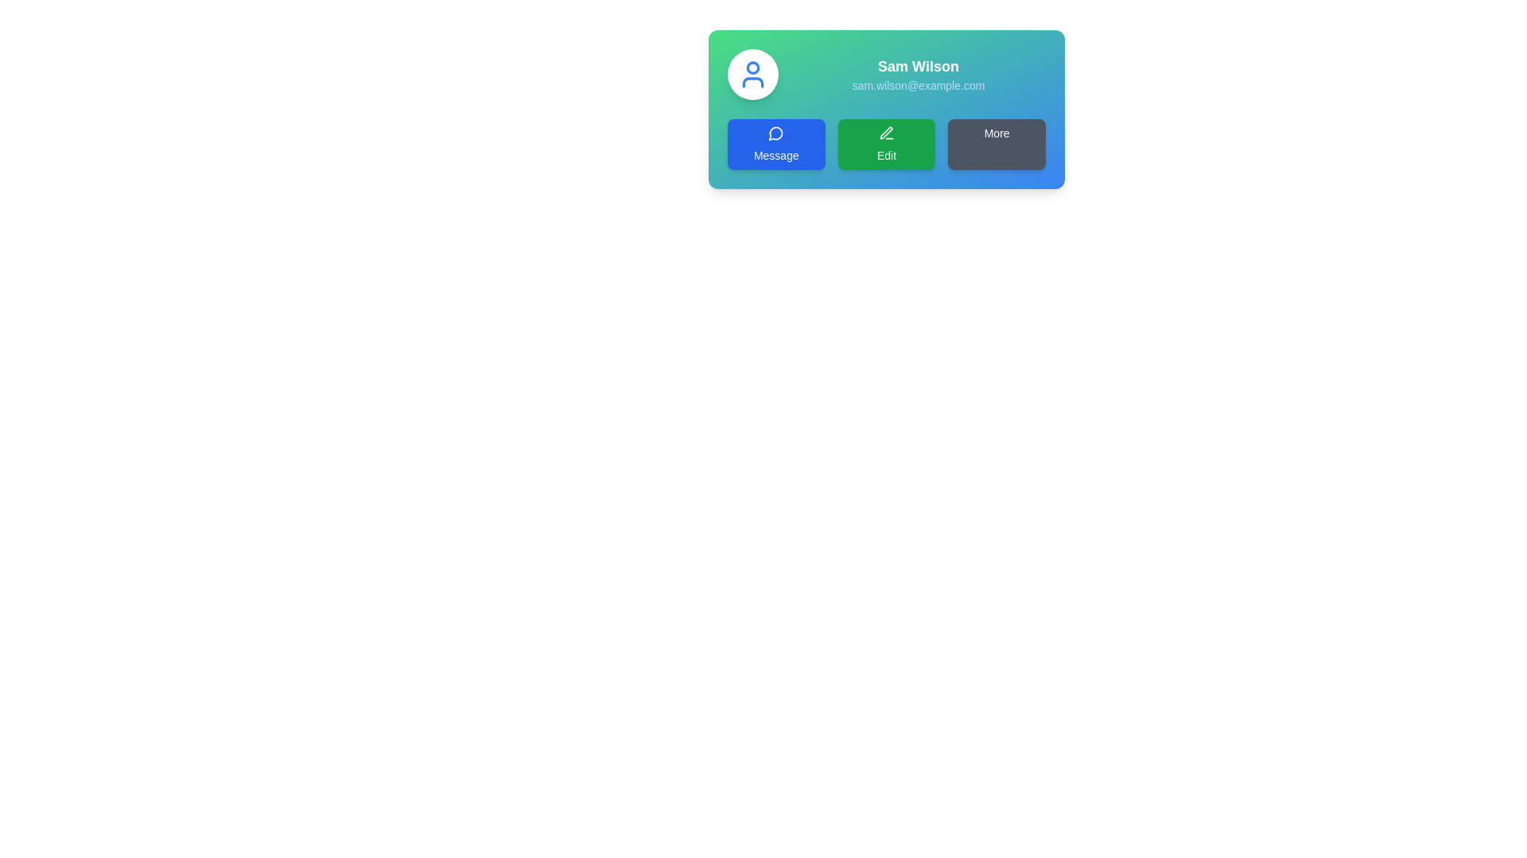  Describe the element at coordinates (752, 74) in the screenshot. I see `the user profile icon located in the upper left section of the rectangular card` at that location.